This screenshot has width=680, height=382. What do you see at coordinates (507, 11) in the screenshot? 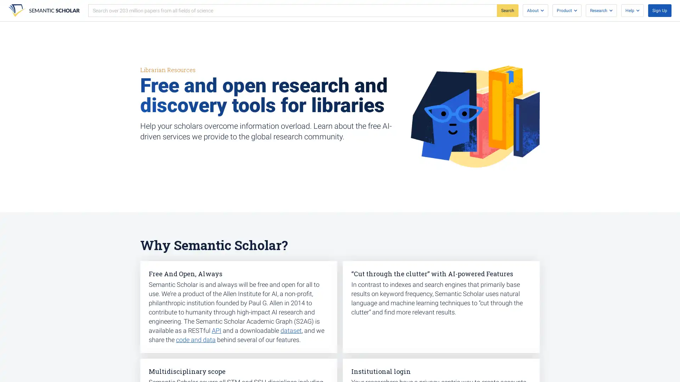
I see `Search` at bounding box center [507, 11].